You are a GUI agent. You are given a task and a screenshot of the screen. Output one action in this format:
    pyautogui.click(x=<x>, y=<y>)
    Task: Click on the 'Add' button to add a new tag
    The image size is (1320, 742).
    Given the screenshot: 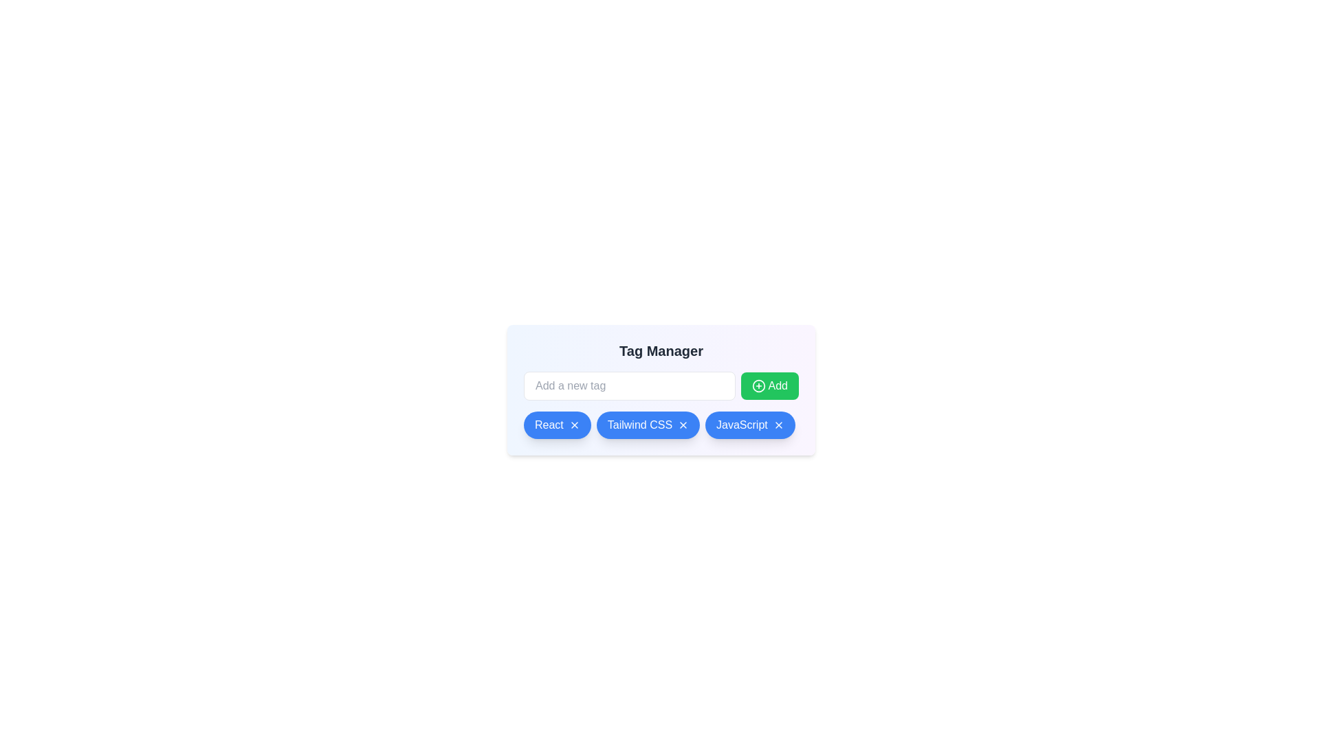 What is the action you would take?
    pyautogui.click(x=769, y=386)
    